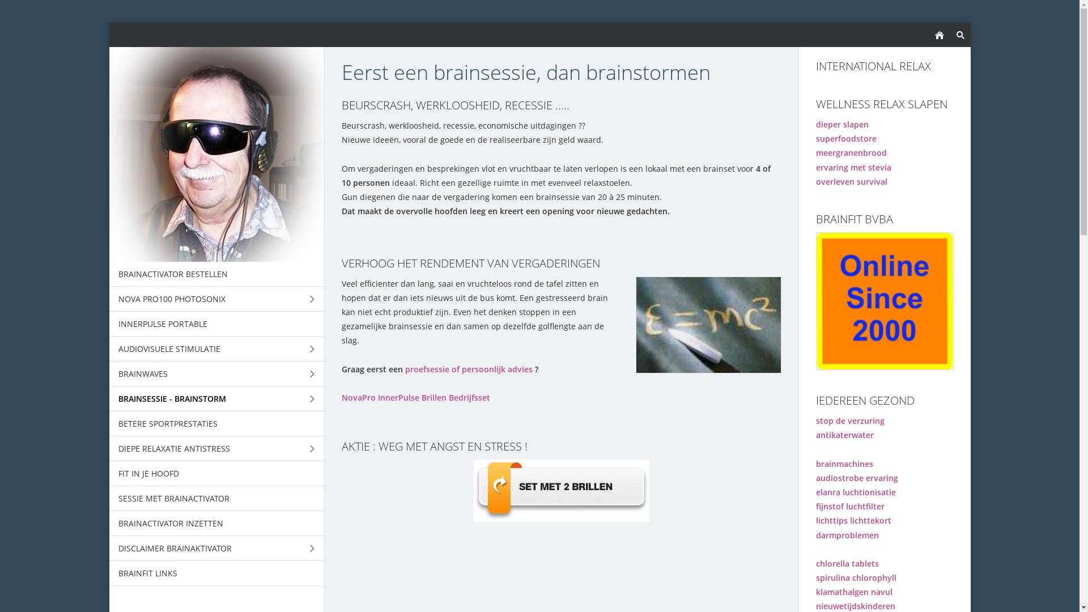 The image size is (1088, 612). I want to click on 'spirulina chlorophyll', so click(856, 577).